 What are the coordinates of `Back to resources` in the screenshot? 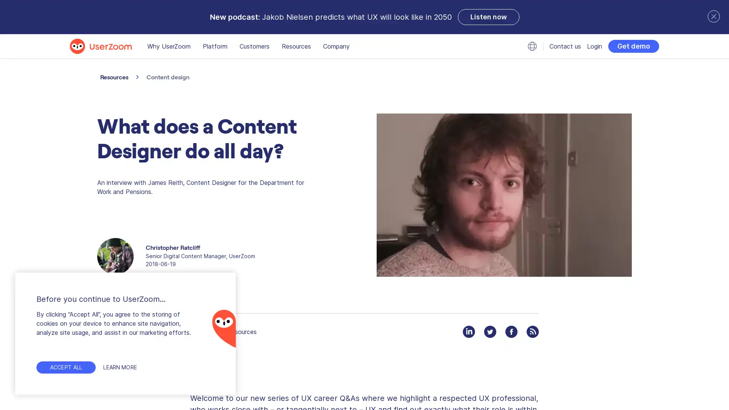 It's located at (223, 331).